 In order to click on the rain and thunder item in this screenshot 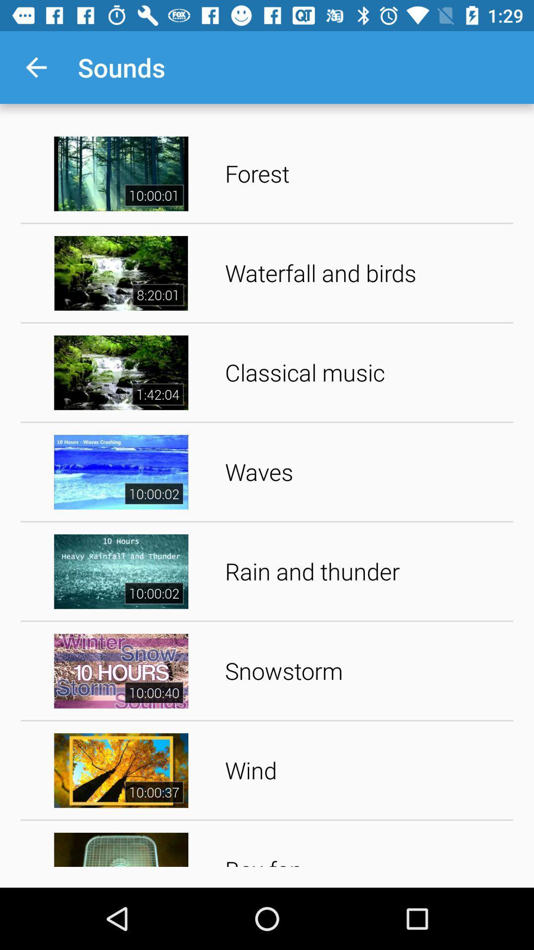, I will do `click(365, 571)`.